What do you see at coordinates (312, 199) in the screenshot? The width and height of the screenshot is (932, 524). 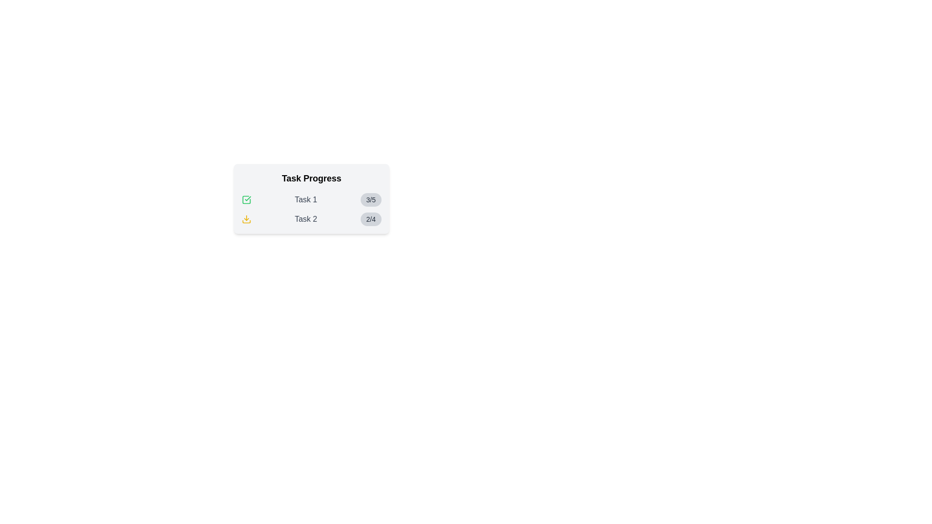 I see `the textual label of the first item in the task progress tracking list, which displays progress associated with 'Task 1'` at bounding box center [312, 199].